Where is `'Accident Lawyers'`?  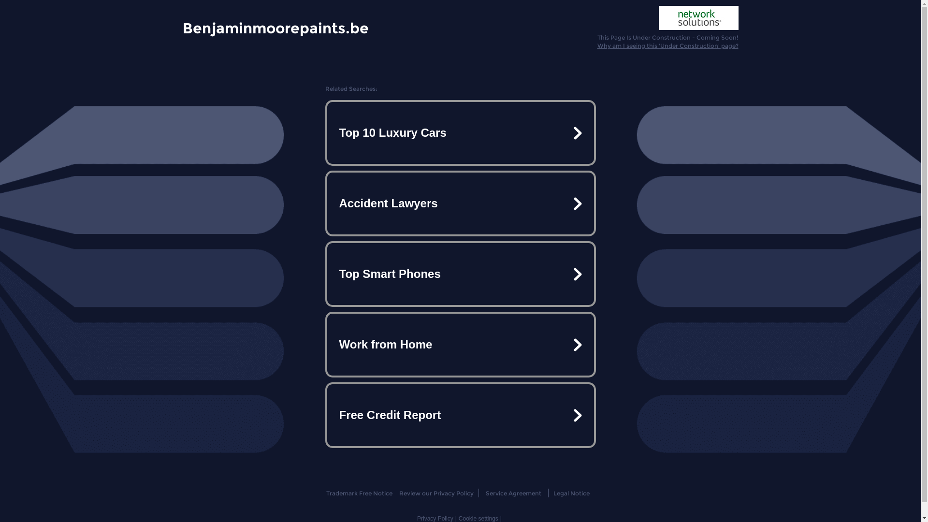 'Accident Lawyers' is located at coordinates (459, 203).